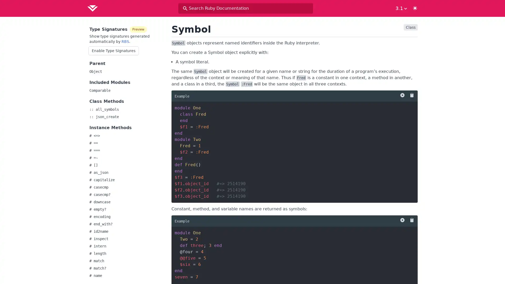  Describe the element at coordinates (402, 95) in the screenshot. I see `Run code` at that location.